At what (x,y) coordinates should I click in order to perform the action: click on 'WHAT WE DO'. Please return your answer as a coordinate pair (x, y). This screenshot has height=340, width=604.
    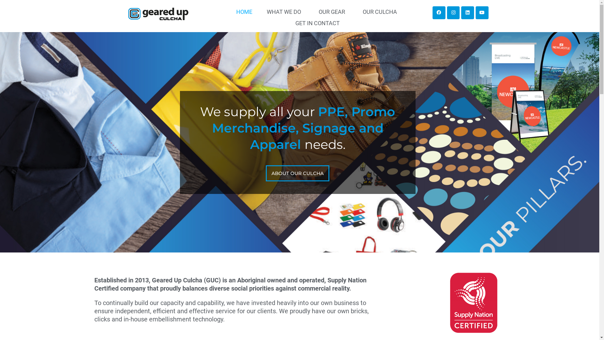
    Looking at the image, I should click on (285, 12).